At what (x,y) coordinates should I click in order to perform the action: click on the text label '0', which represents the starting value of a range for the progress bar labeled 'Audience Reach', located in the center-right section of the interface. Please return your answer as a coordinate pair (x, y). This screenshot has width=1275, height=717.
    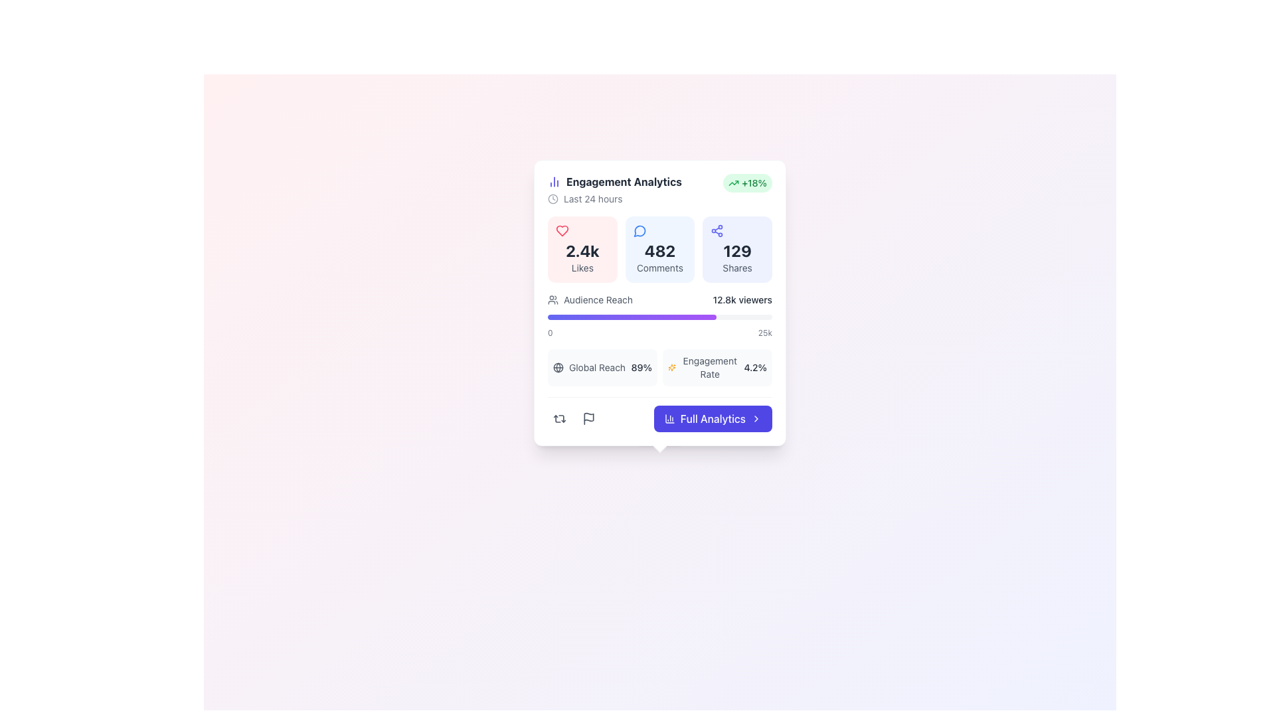
    Looking at the image, I should click on (550, 332).